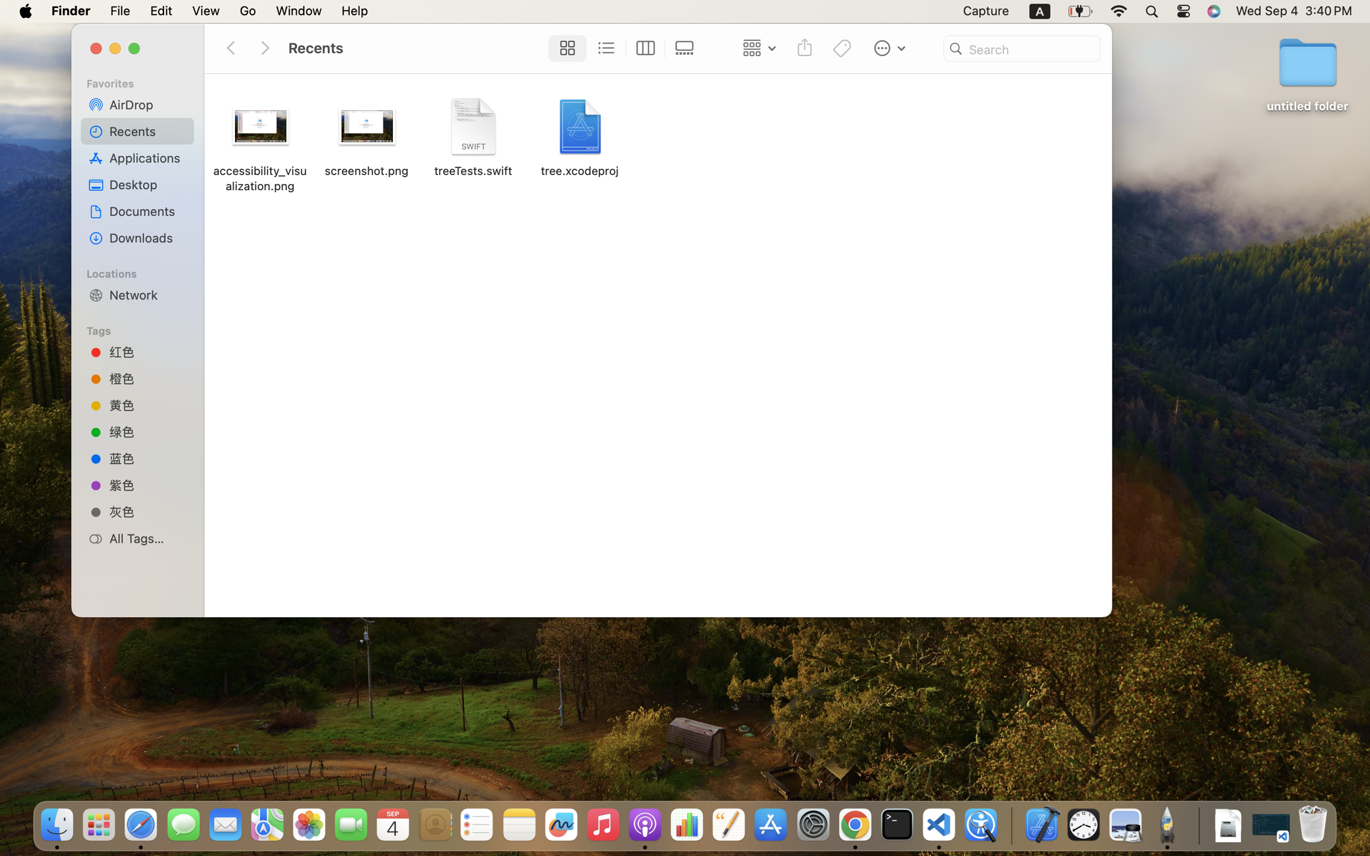 This screenshot has width=1370, height=856. Describe the element at coordinates (147, 211) in the screenshot. I see `'Documents'` at that location.